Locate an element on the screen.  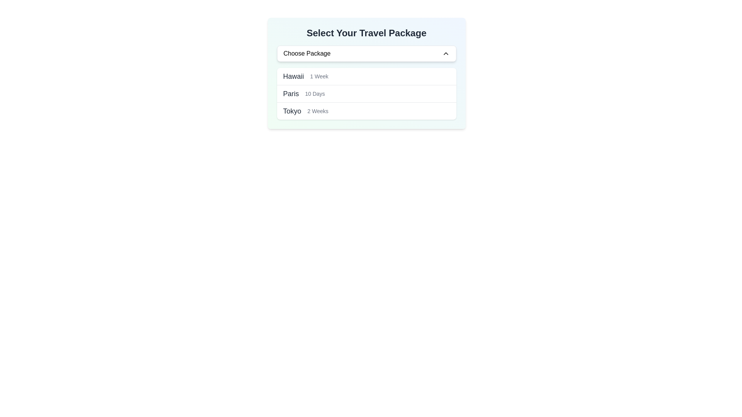
the text label 'Tokyo' is located at coordinates (291, 111).